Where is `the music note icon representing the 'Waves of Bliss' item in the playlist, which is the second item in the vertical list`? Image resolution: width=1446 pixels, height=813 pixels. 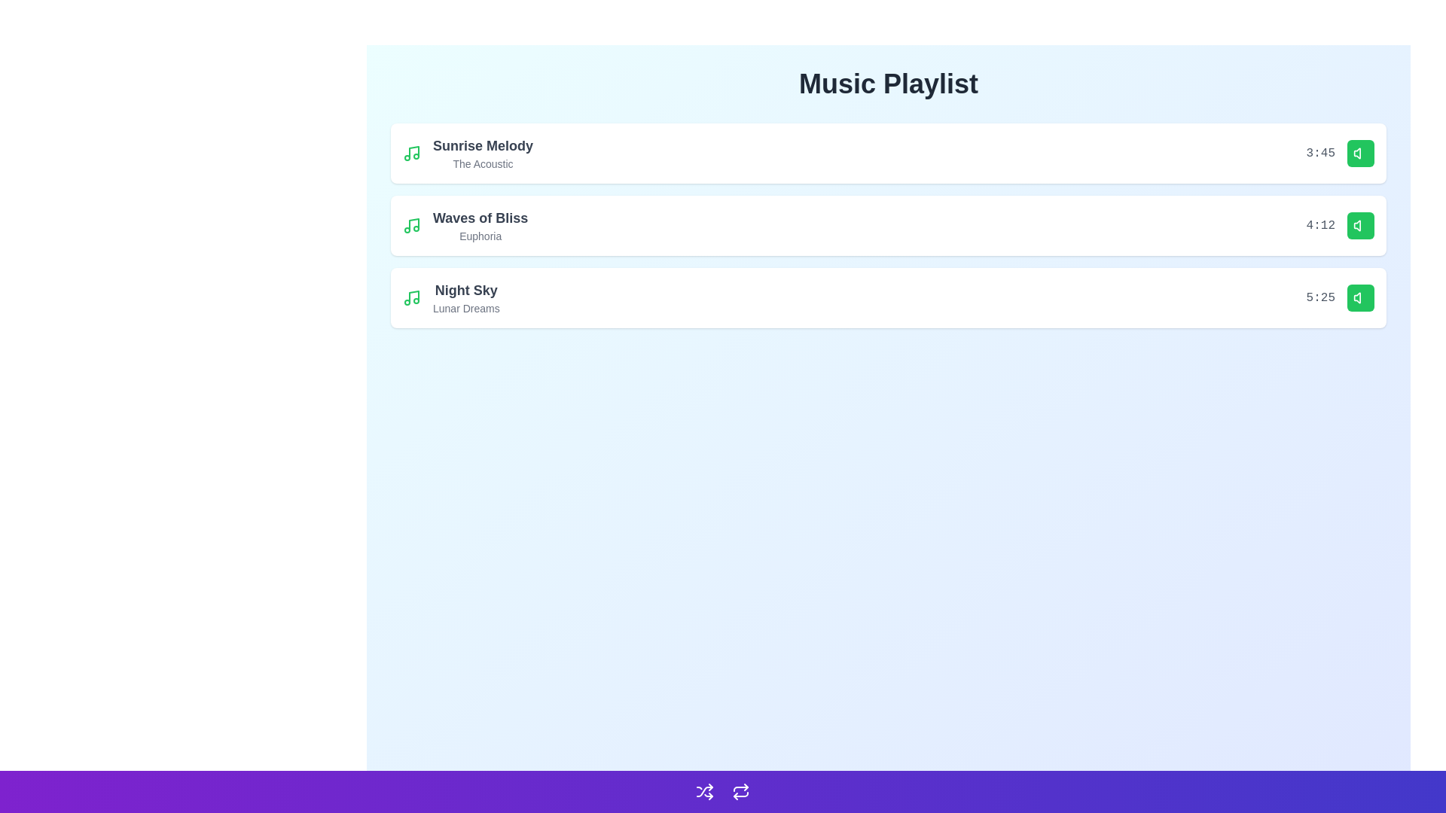 the music note icon representing the 'Waves of Bliss' item in the playlist, which is the second item in the vertical list is located at coordinates (412, 226).